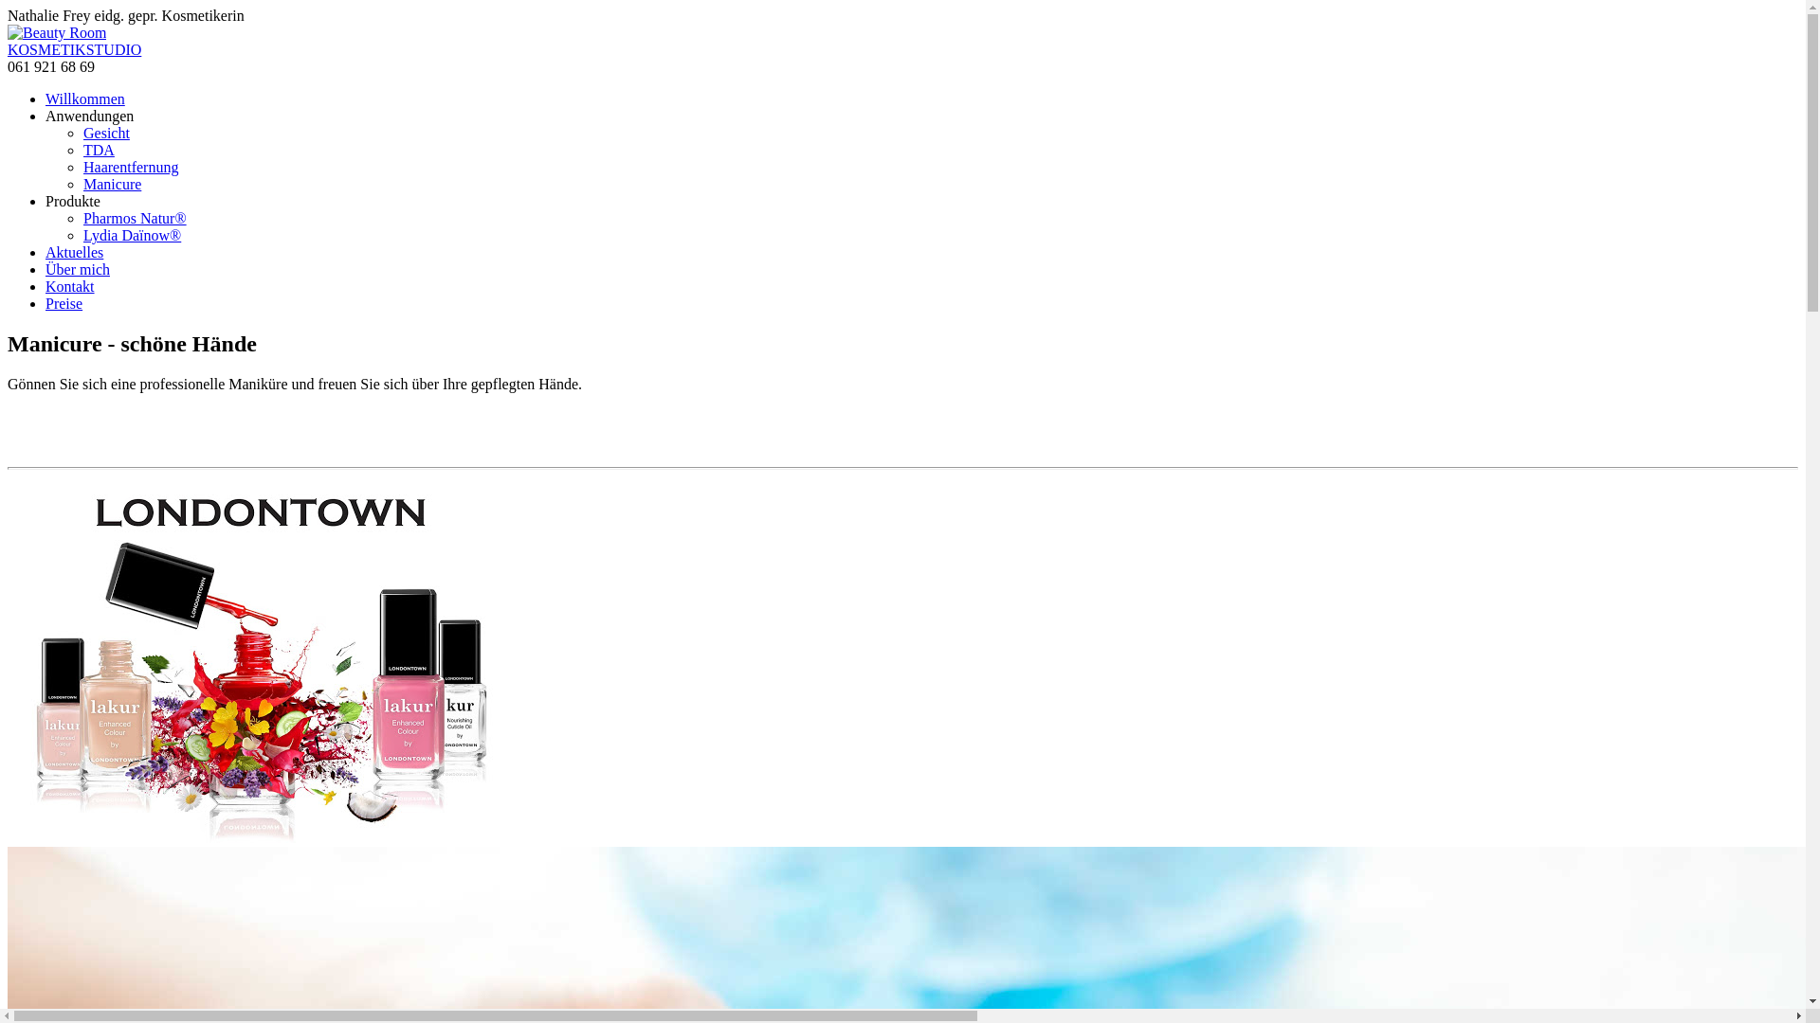 The image size is (1820, 1023). I want to click on 'KOSMETIKSTUDIO', so click(8, 48).